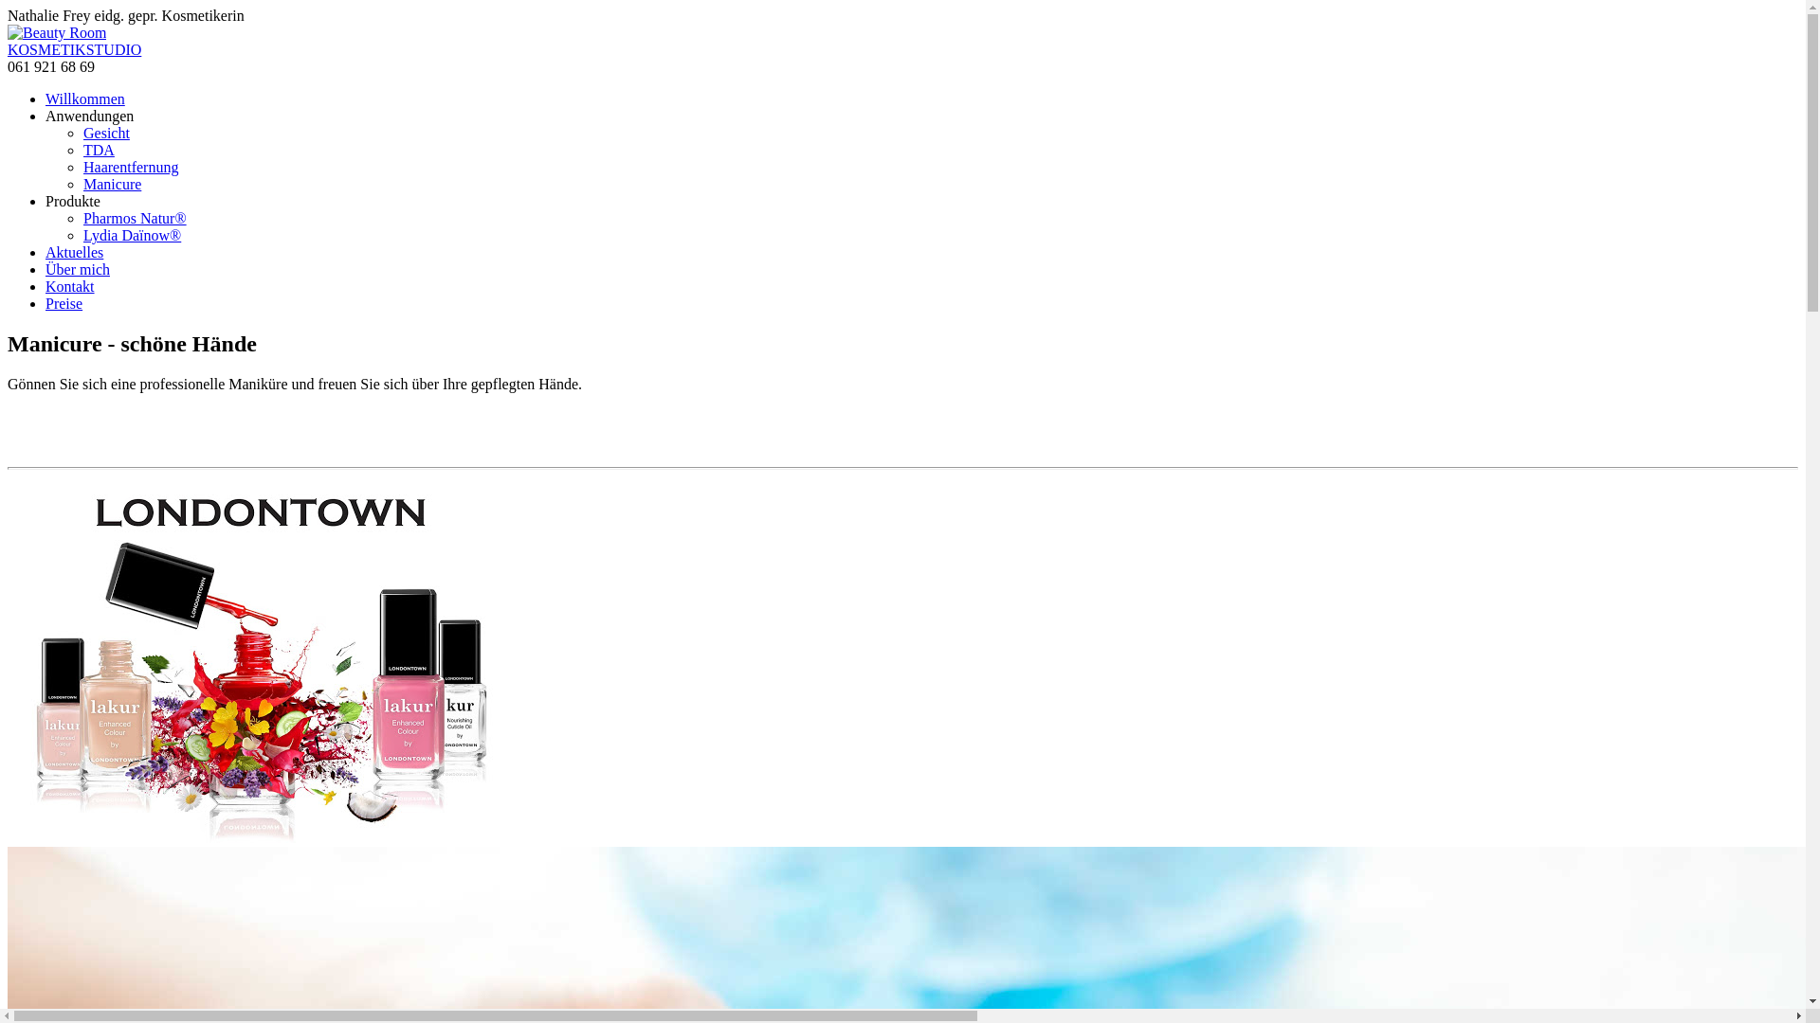 The image size is (1820, 1023). I want to click on 'KOSMETIKSTUDIO', so click(8, 48).